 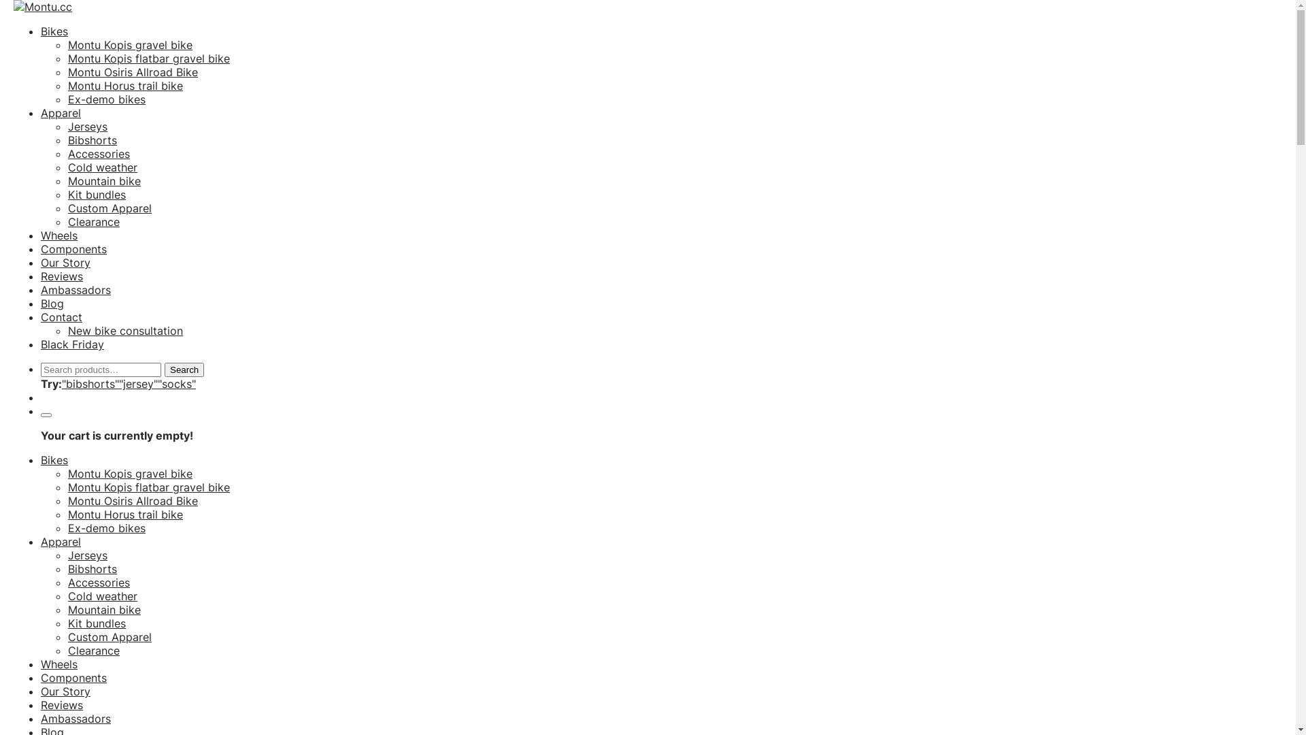 What do you see at coordinates (106, 99) in the screenshot?
I see `'Ex-demo bikes'` at bounding box center [106, 99].